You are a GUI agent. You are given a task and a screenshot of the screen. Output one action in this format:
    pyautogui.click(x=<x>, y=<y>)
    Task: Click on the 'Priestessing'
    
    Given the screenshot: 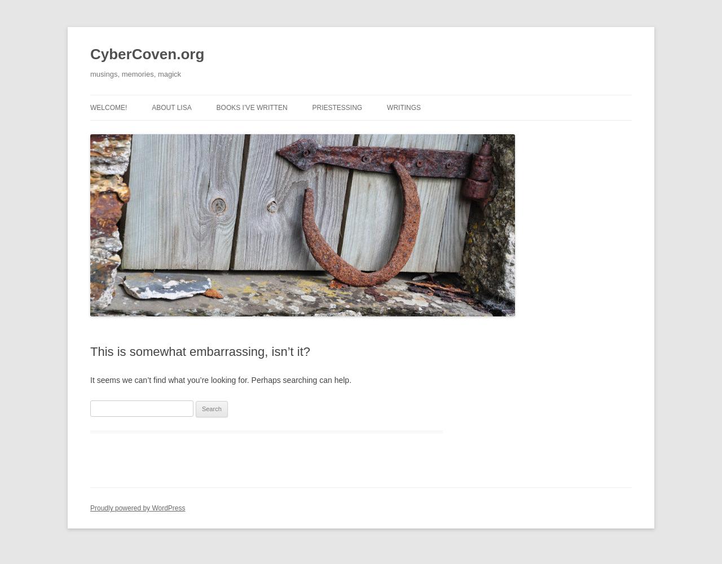 What is the action you would take?
    pyautogui.click(x=336, y=107)
    